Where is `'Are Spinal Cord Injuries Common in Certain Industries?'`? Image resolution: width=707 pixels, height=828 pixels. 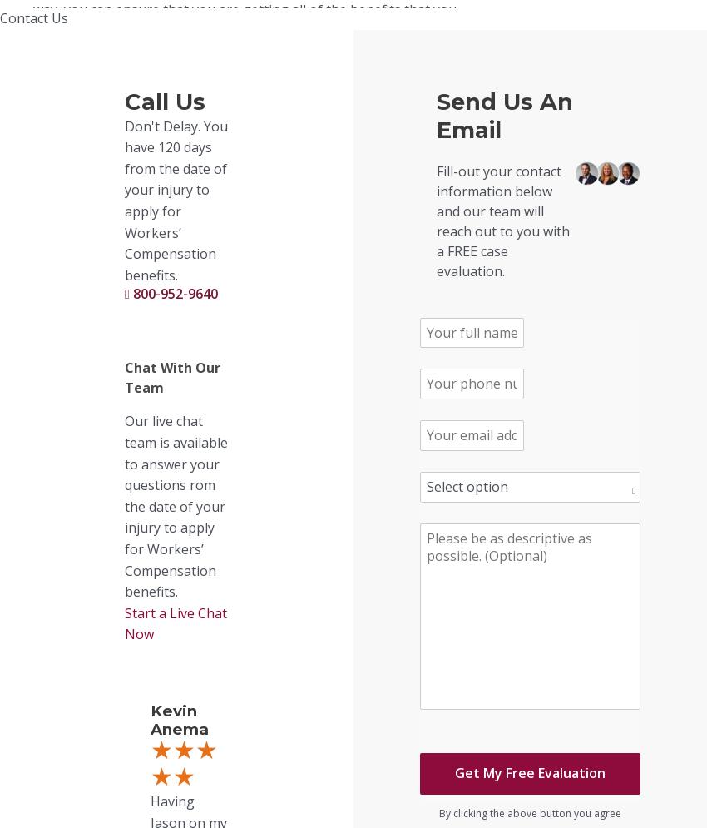 'Are Spinal Cord Injuries Common in Certain Industries?' is located at coordinates (32, 469).